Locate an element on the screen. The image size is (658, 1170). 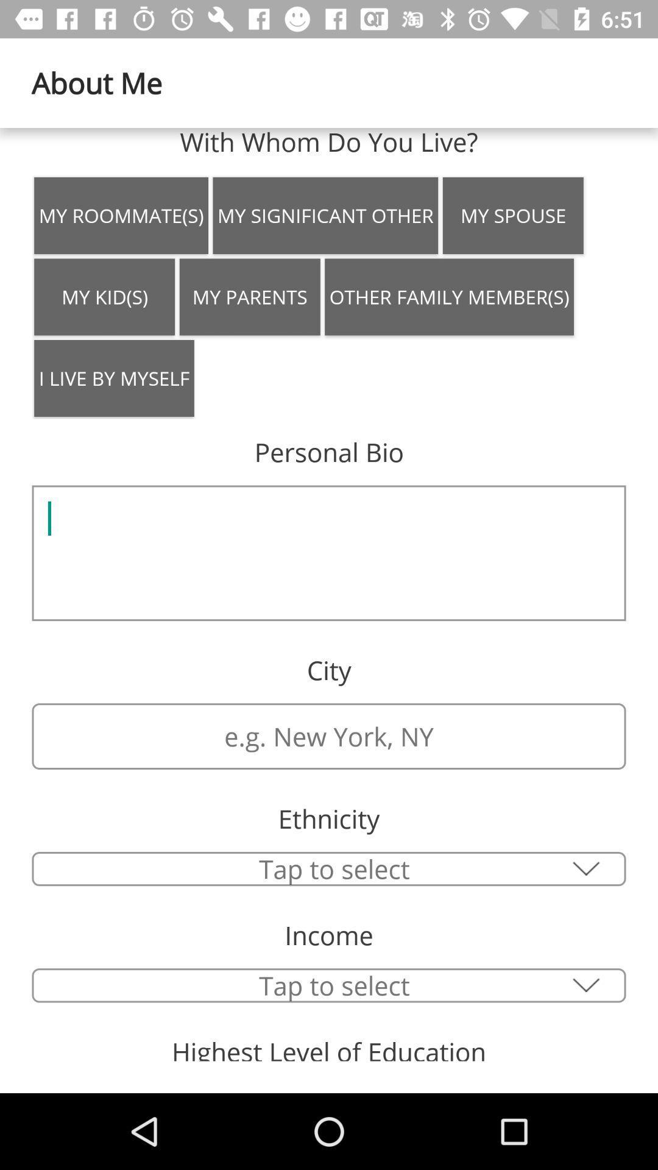
write bio is located at coordinates (329, 552).